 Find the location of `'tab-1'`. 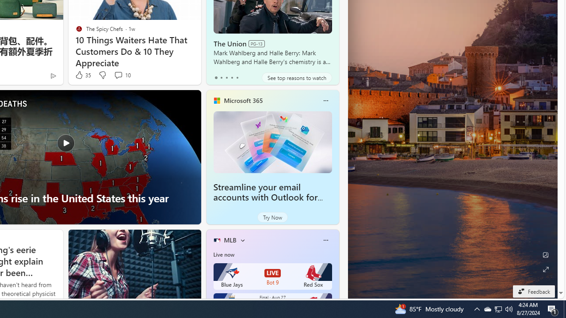

'tab-1' is located at coordinates (221, 77).